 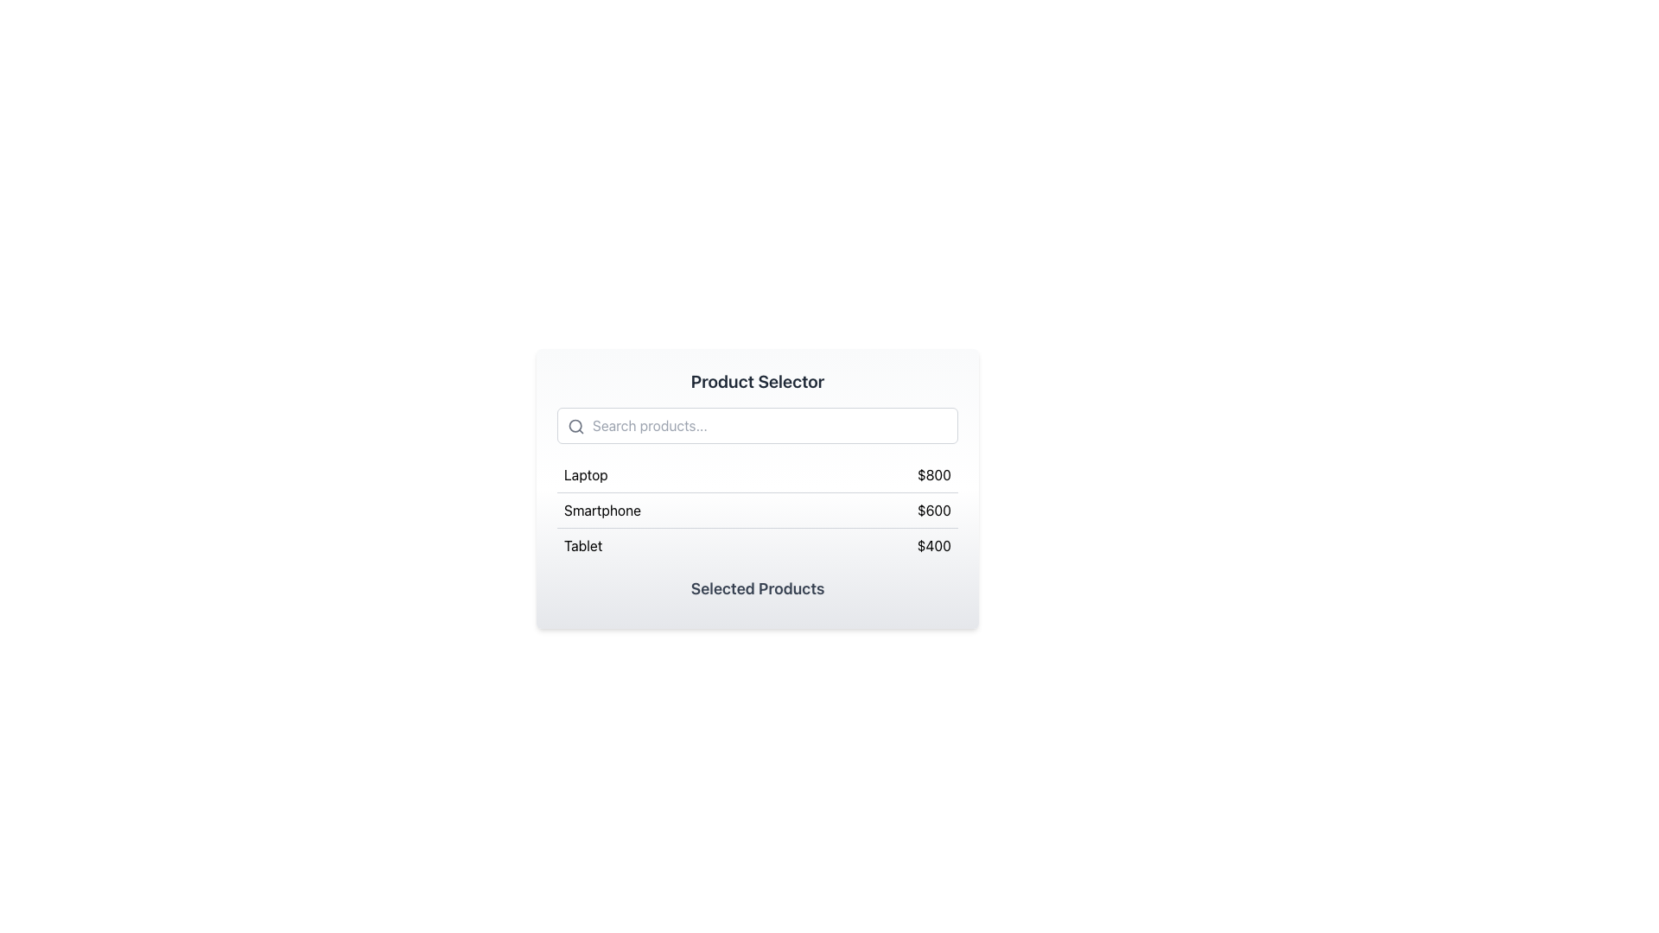 I want to click on the 'Tablet' label text rendered in black font, so click(x=583, y=546).